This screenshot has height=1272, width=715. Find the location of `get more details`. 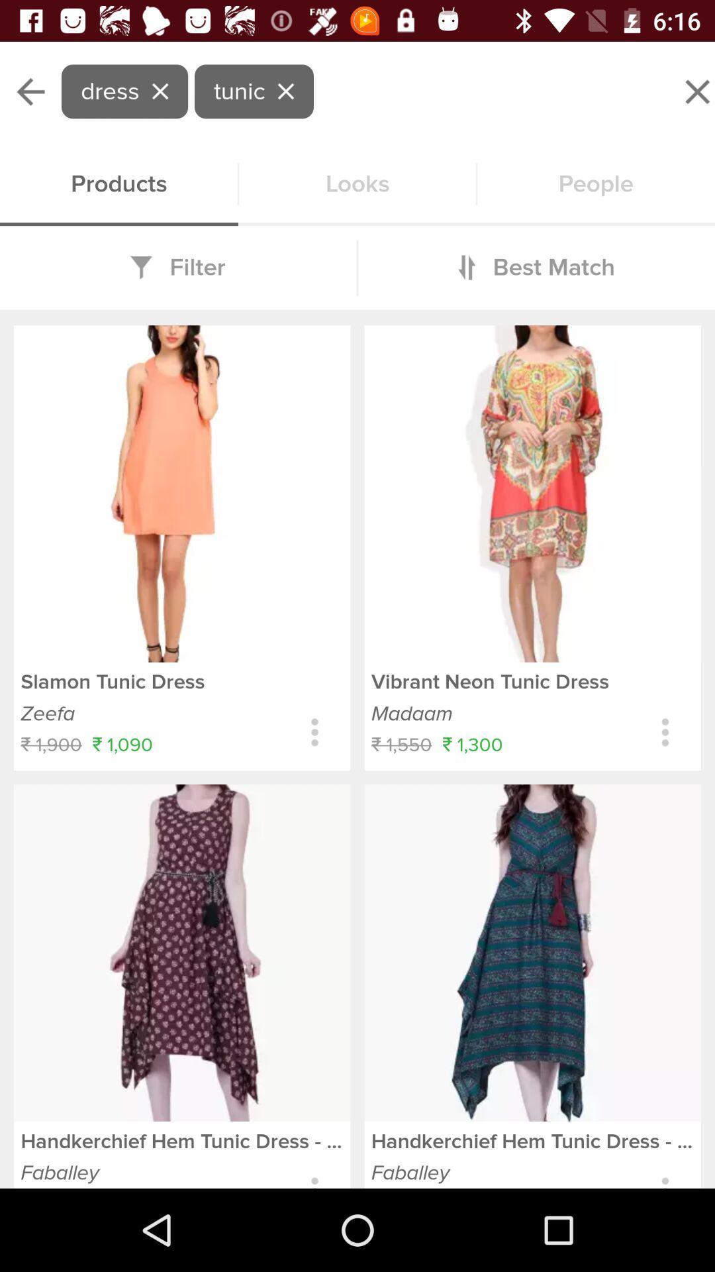

get more details is located at coordinates (665, 731).